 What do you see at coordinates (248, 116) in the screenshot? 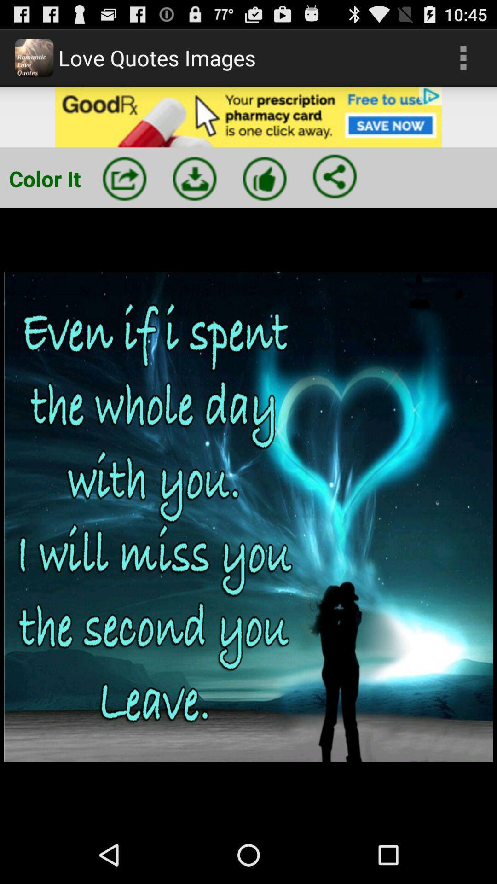
I see `open advertisement` at bounding box center [248, 116].